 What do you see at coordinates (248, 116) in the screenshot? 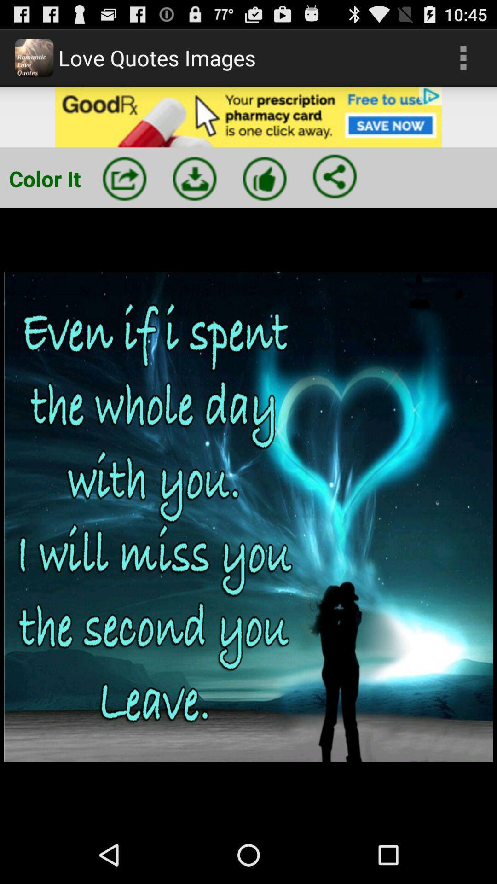
I see `open advertisement` at bounding box center [248, 116].